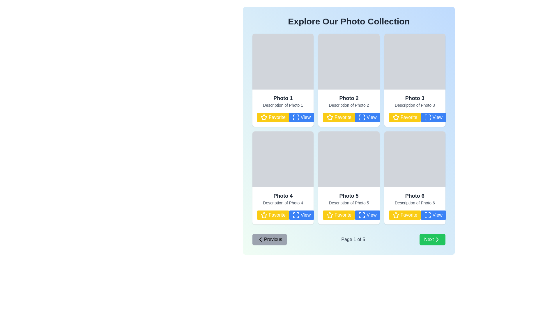 The width and height of the screenshot is (559, 314). What do you see at coordinates (428, 117) in the screenshot?
I see `the minimalist square icon located within the blue 'View' button beneath the 'Photo 3' card` at bounding box center [428, 117].